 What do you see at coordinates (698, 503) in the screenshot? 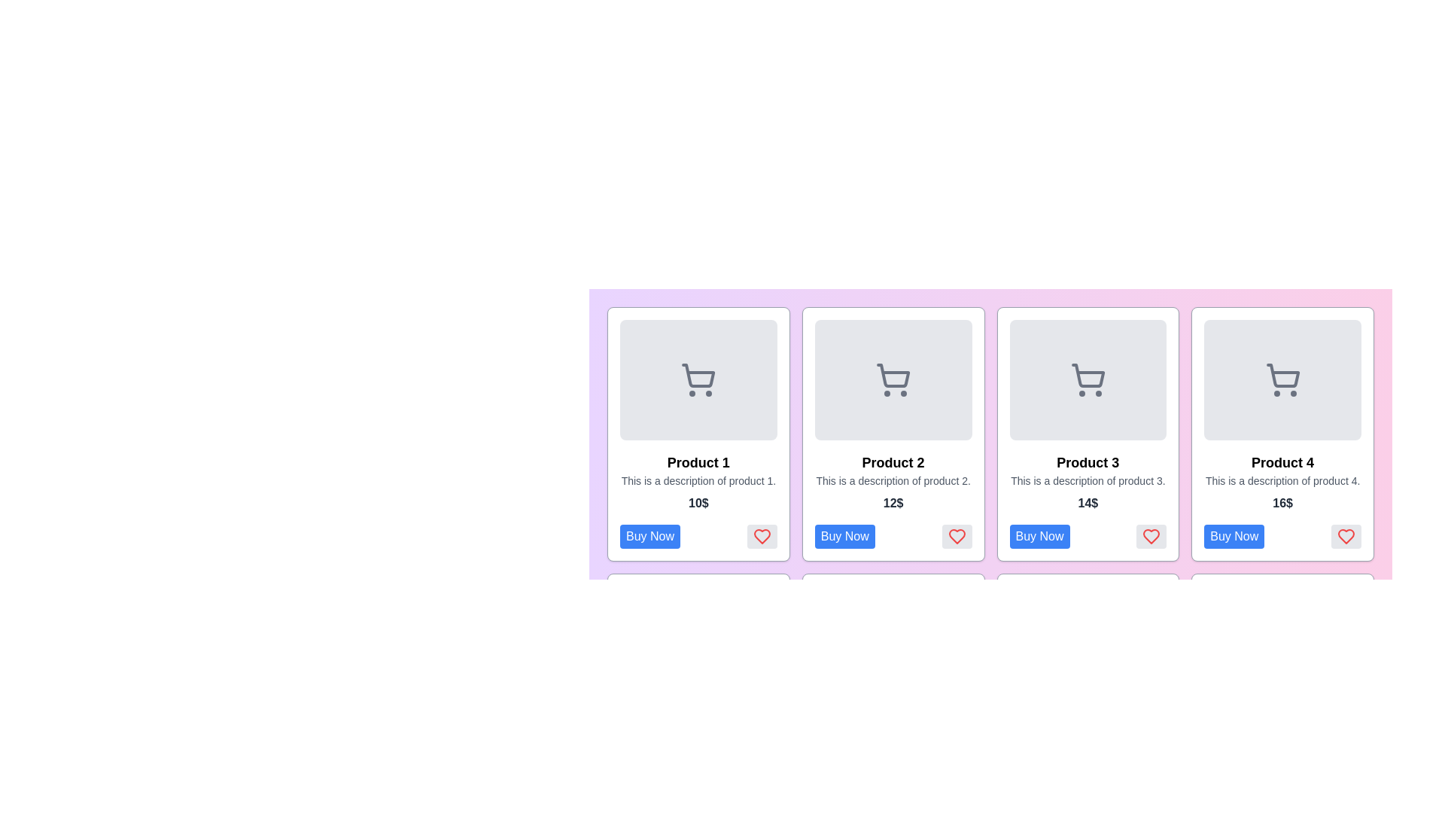
I see `value of the price label displayed within the product card that is positioned under the product description and above the 'Buy Now' button and heart icon` at bounding box center [698, 503].